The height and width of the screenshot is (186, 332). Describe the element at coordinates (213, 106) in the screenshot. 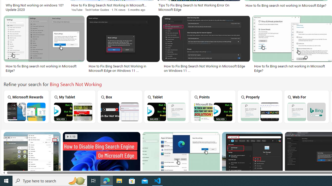

I see `'Bing Search Points Not Working Points'` at that location.